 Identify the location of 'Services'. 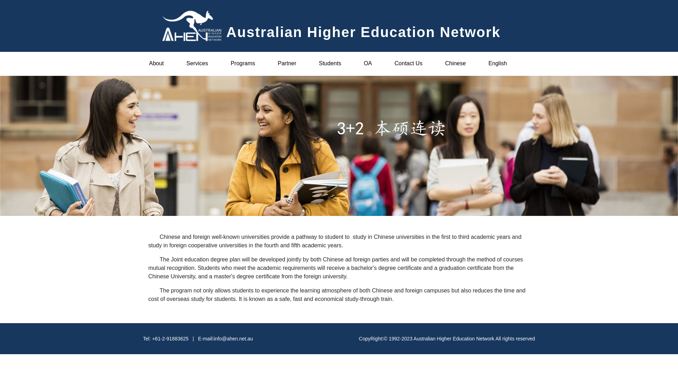
(197, 64).